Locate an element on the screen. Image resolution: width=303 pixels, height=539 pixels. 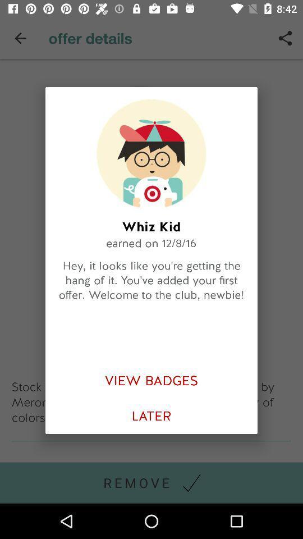
item below the view badges icon is located at coordinates (151, 415).